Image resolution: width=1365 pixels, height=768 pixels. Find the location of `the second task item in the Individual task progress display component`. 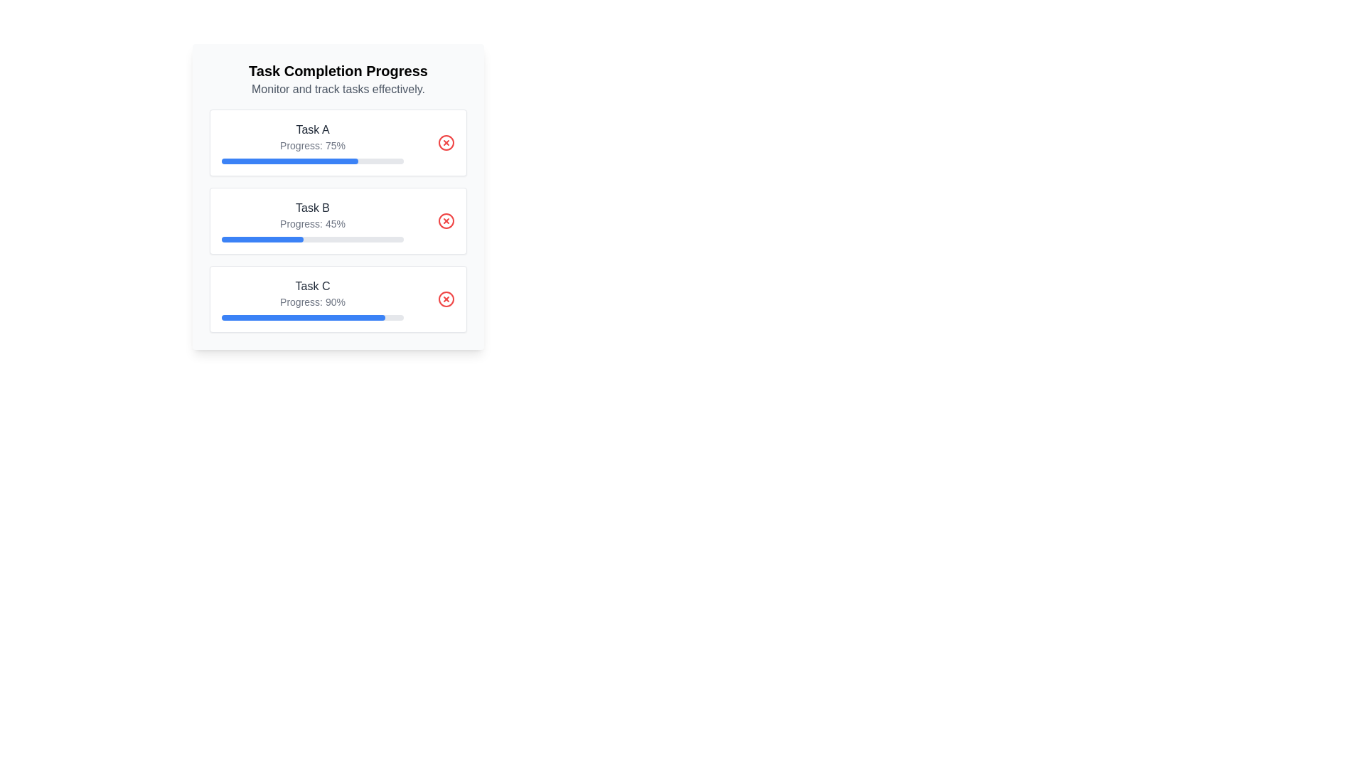

the second task item in the Individual task progress display component is located at coordinates (337, 221).